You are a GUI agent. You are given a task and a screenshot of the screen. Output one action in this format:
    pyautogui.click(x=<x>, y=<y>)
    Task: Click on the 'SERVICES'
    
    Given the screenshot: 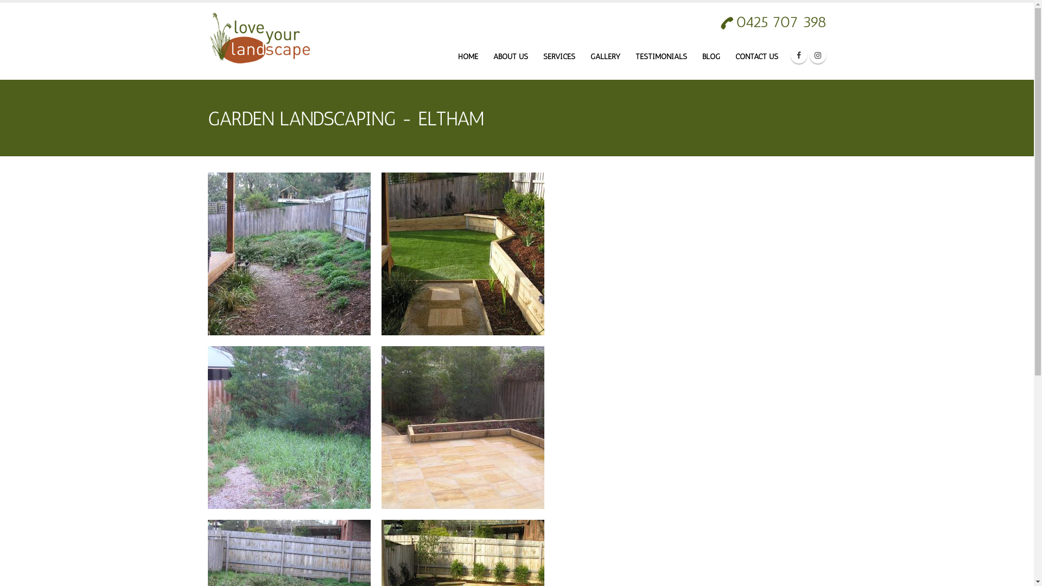 What is the action you would take?
    pyautogui.click(x=559, y=56)
    